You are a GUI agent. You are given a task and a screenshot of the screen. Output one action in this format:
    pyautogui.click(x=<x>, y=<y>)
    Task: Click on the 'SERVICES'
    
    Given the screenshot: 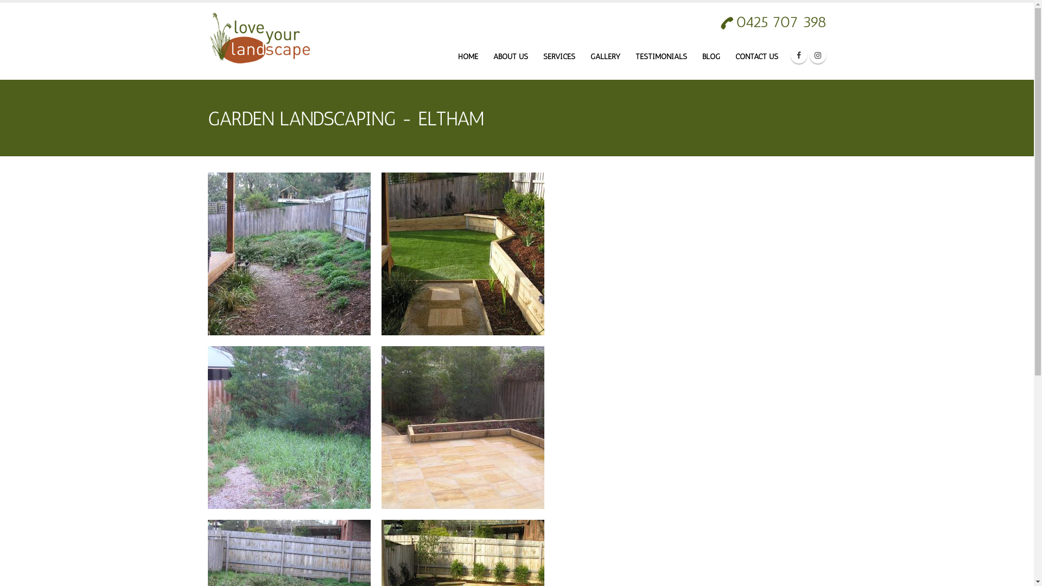 What is the action you would take?
    pyautogui.click(x=559, y=56)
    